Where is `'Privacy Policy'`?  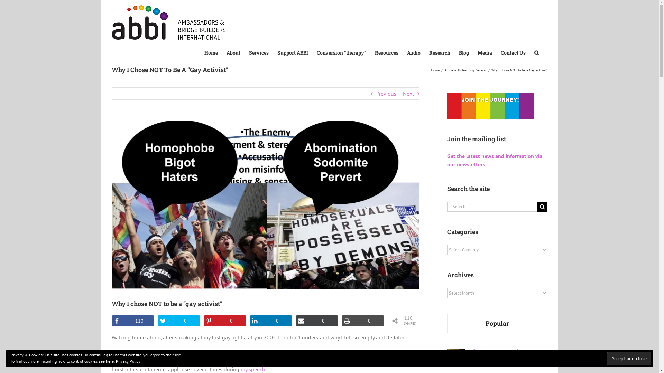 'Privacy Policy' is located at coordinates (128, 361).